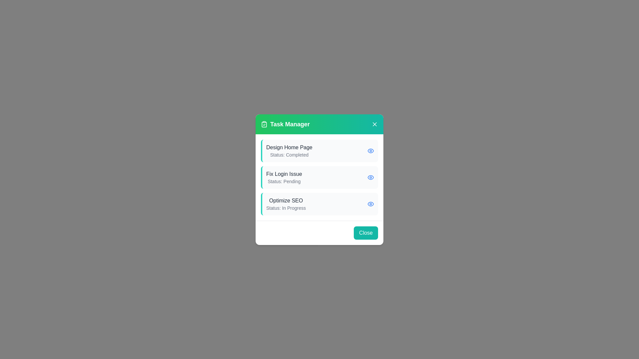 The width and height of the screenshot is (639, 359). Describe the element at coordinates (284, 177) in the screenshot. I see `the text display component that shows the task title 'Fix Login Issue' and its status 'Status: Pending', located within the second card of the 'Task Manager' dialog` at that location.